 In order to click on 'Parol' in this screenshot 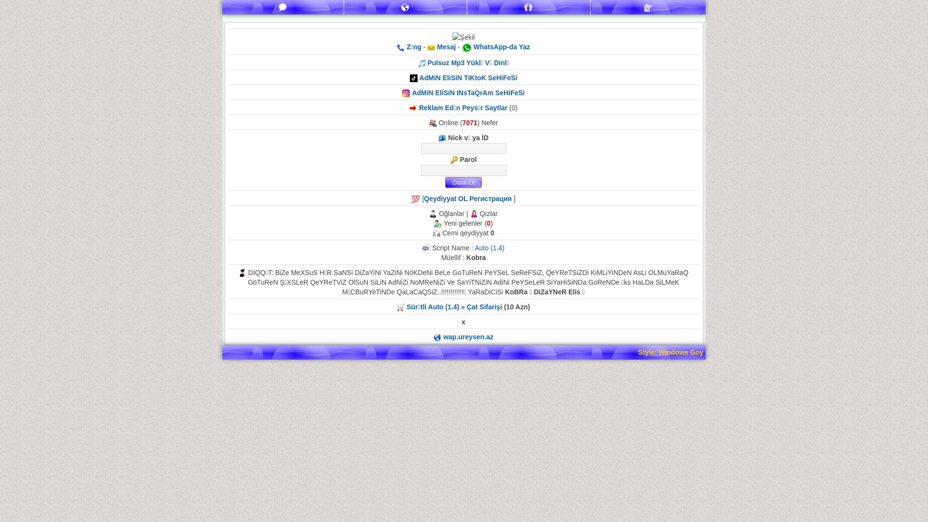, I will do `click(463, 170)`.